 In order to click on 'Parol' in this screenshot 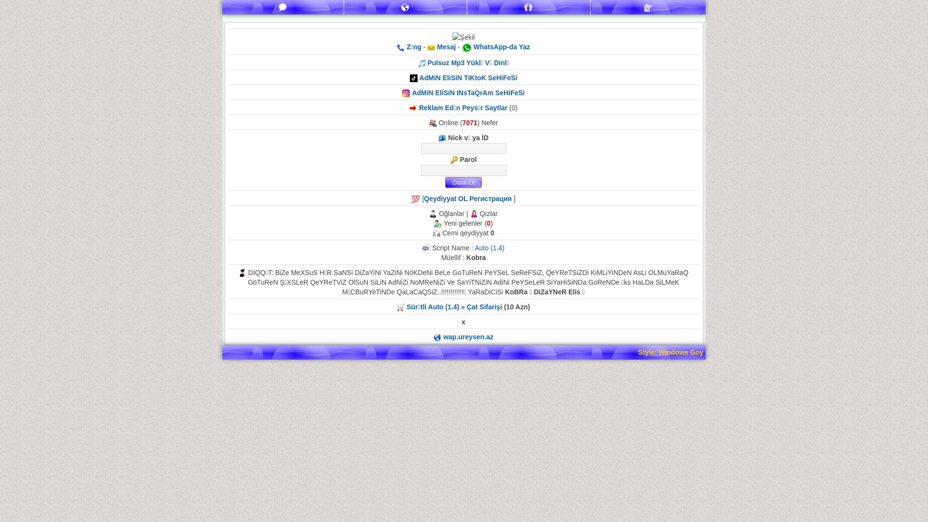, I will do `click(463, 170)`.